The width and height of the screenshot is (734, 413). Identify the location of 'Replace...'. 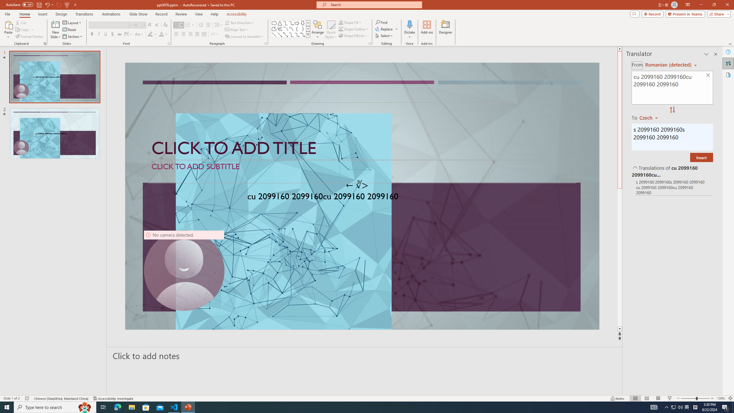
(384, 28).